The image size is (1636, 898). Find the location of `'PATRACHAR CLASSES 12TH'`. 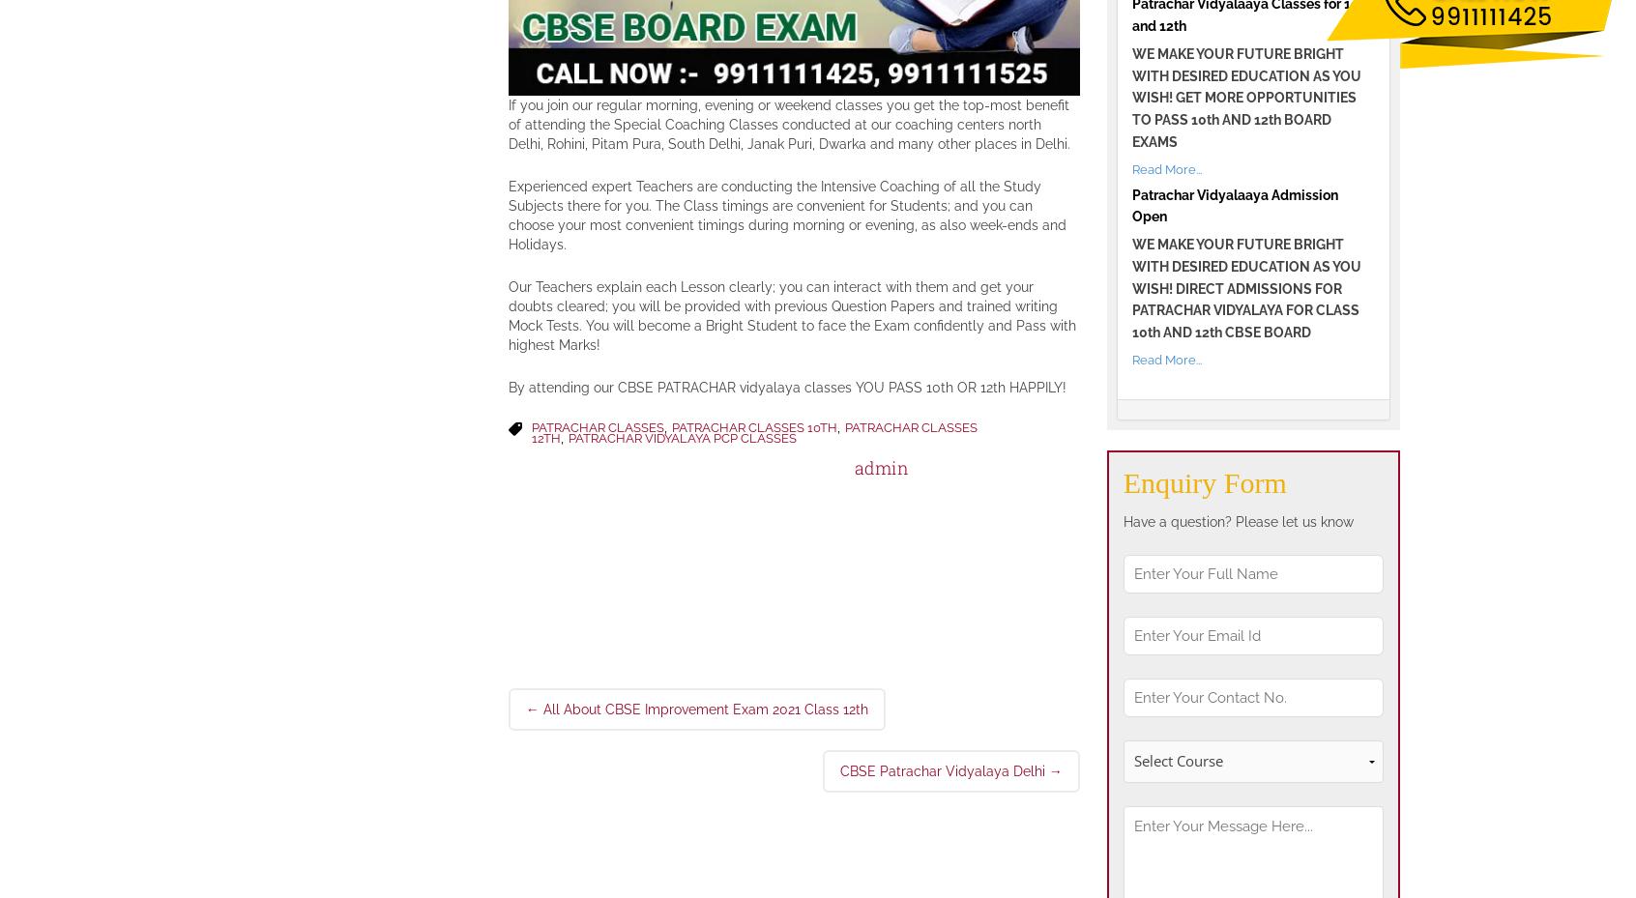

'PATRACHAR CLASSES 12TH' is located at coordinates (531, 431).